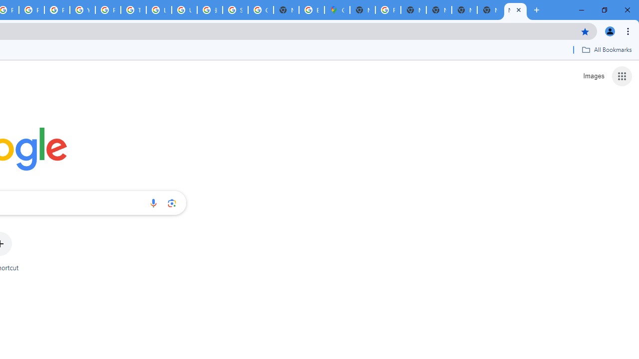 The image size is (639, 359). I want to click on 'Explore new street-level details - Google Maps Help', so click(311, 10).